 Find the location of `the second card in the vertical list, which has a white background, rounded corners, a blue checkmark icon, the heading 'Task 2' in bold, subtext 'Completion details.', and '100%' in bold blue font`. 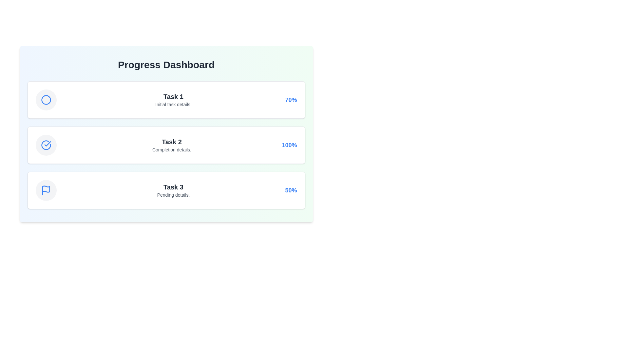

the second card in the vertical list, which has a white background, rounded corners, a blue checkmark icon, the heading 'Task 2' in bold, subtext 'Completion details.', and '100%' in bold blue font is located at coordinates (166, 145).